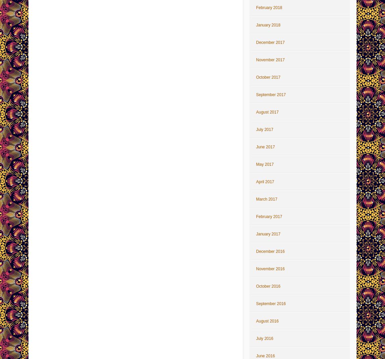  What do you see at coordinates (264, 339) in the screenshot?
I see `'July 2016'` at bounding box center [264, 339].